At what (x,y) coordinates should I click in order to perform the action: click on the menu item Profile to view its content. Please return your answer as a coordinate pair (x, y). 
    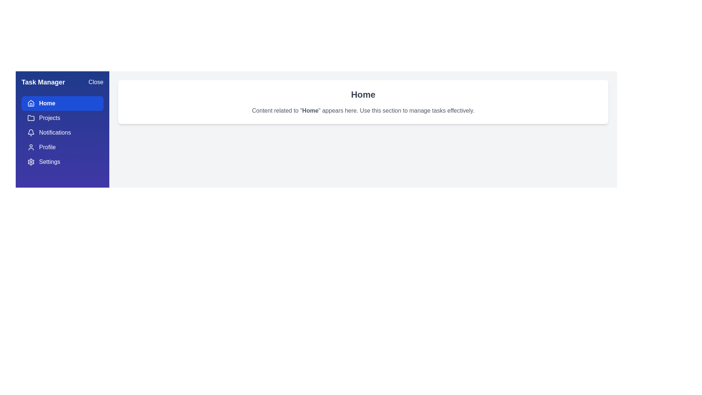
    Looking at the image, I should click on (63, 147).